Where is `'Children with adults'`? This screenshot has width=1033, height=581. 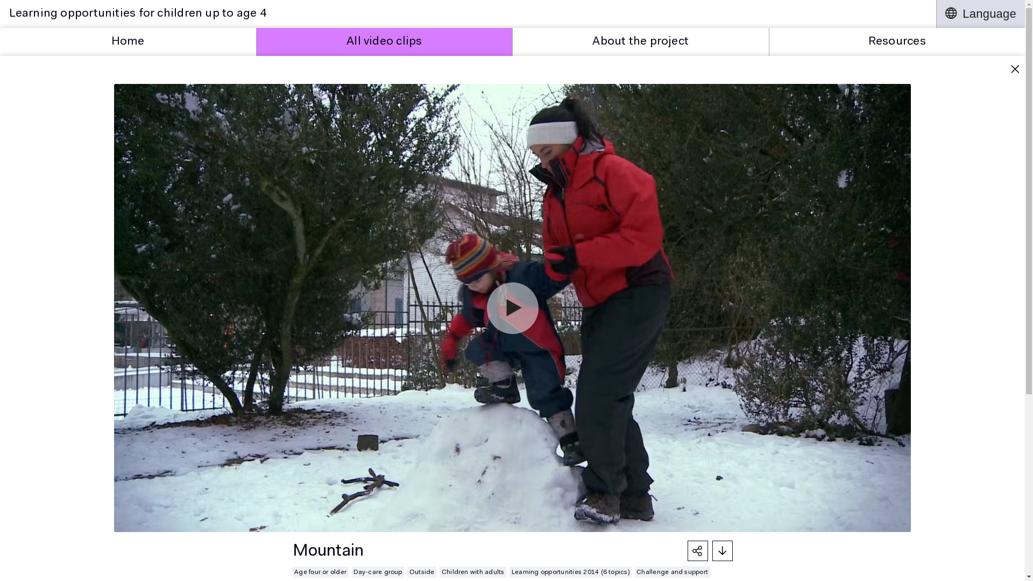 'Children with adults' is located at coordinates (472, 571).